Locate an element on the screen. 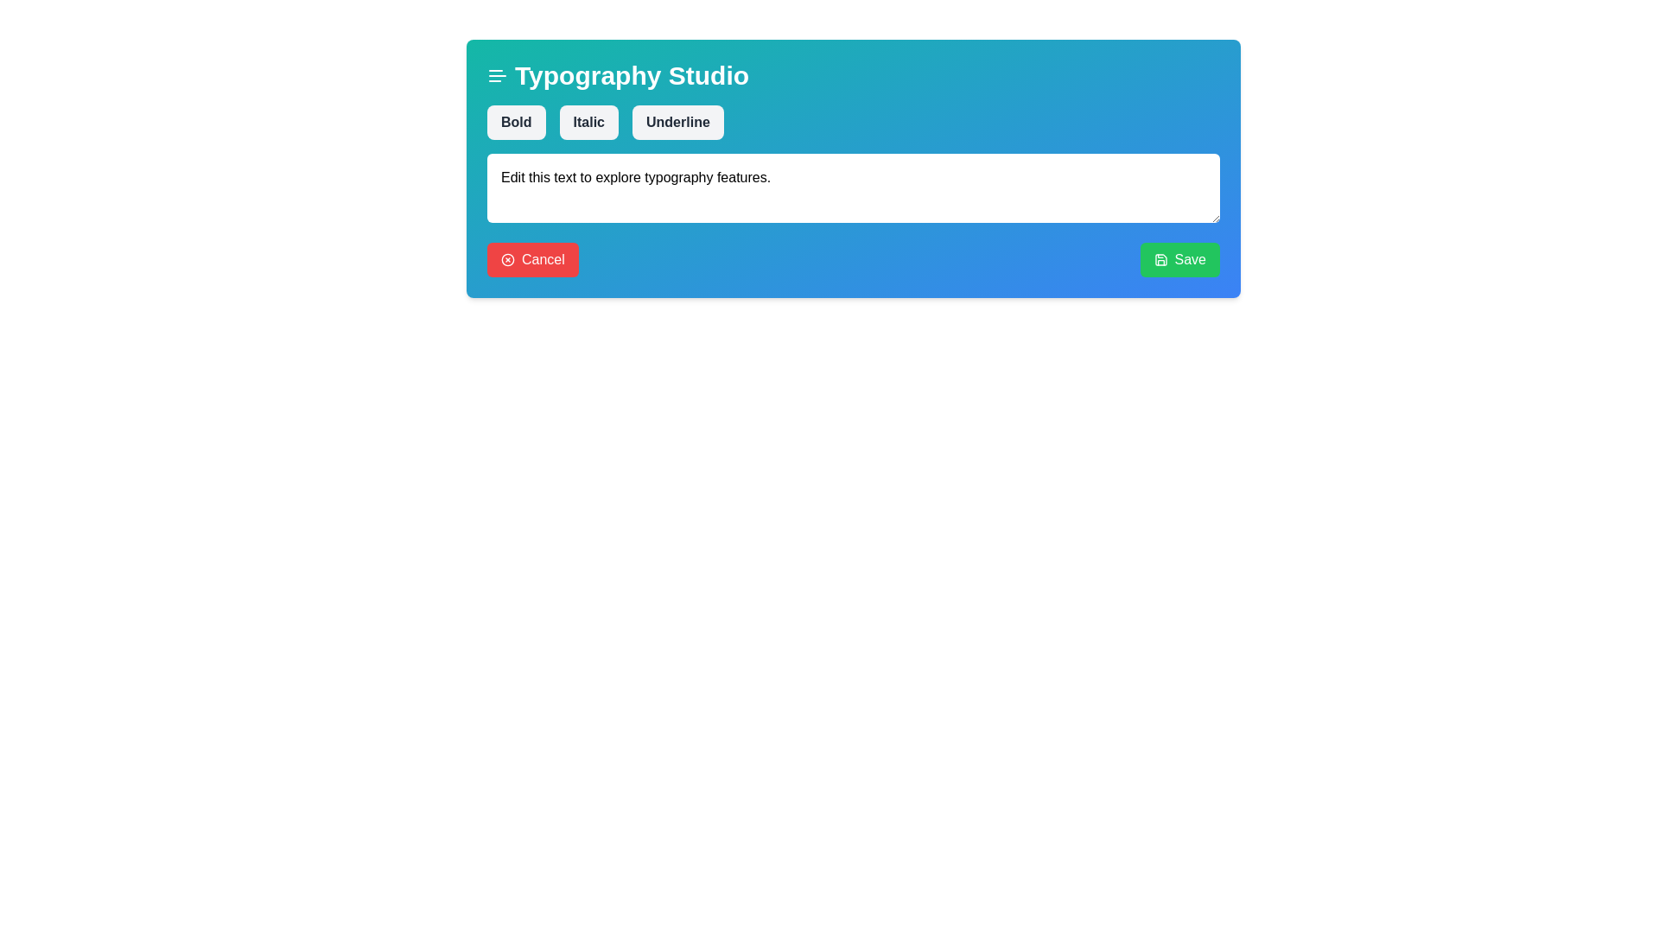 The image size is (1659, 933). the 'Cancel' action icon located to the left of the 'Cancel' text within the red rectangular button at the bottom-left section of the interface is located at coordinates (507, 259).